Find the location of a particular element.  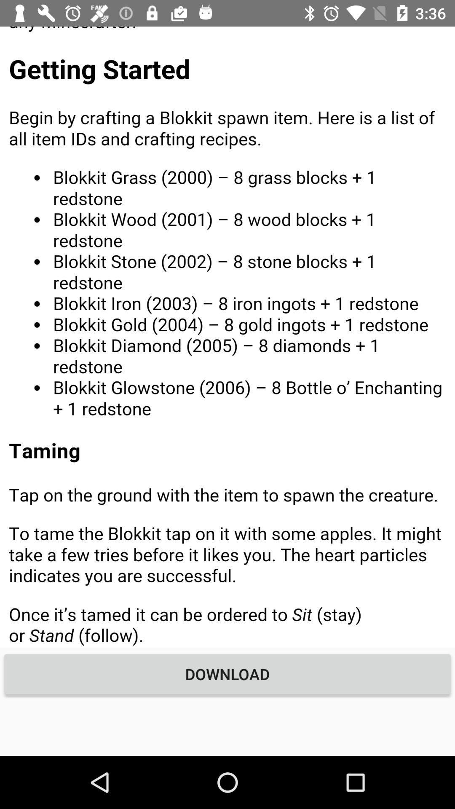

click all text is located at coordinates (227, 336).